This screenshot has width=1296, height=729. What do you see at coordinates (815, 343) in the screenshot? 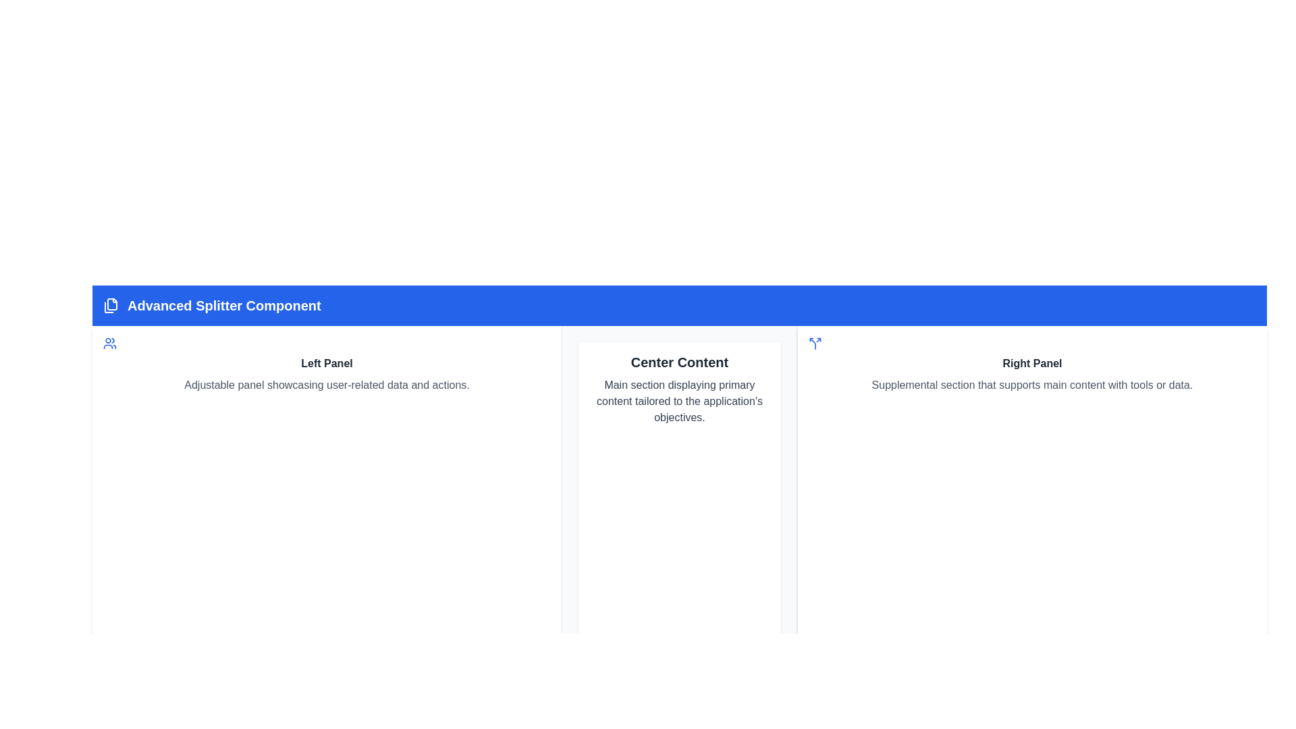
I see `the splitting icon located in the top-left corner of the Right Panel` at bounding box center [815, 343].